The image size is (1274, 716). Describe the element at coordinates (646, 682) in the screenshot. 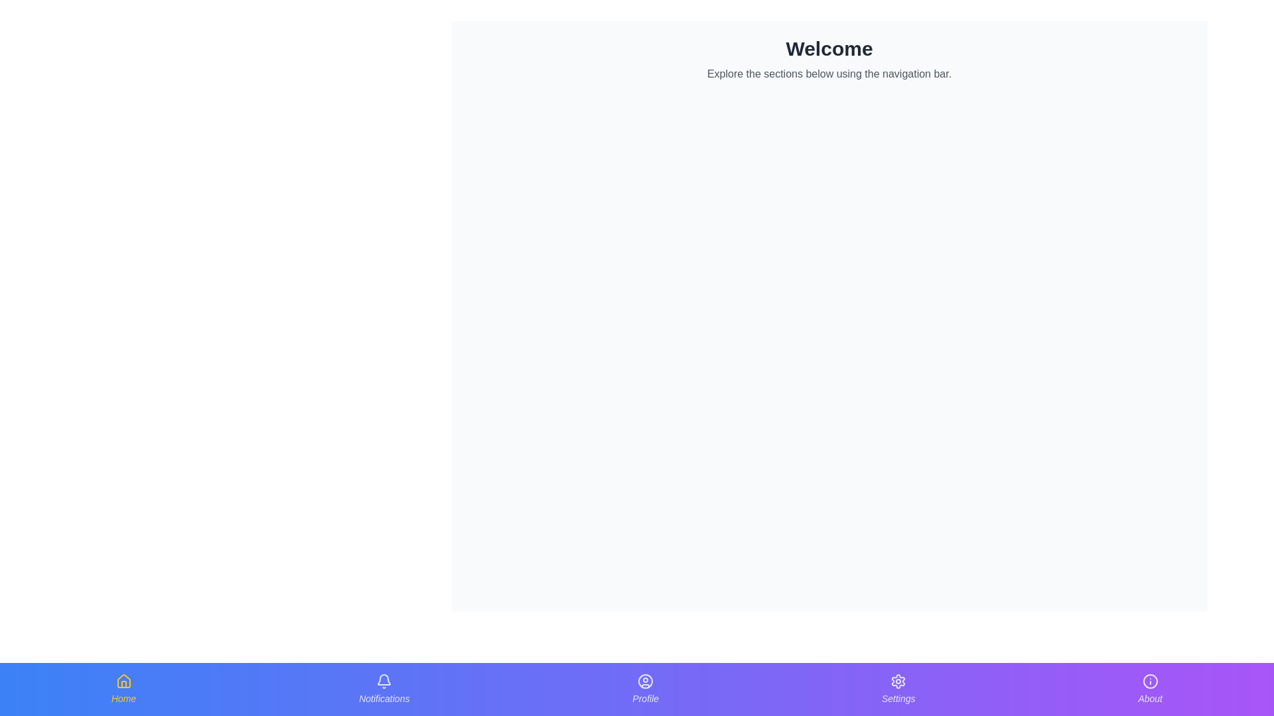

I see `the decorative circle element of the user profile icon located in the navigation bar at the bottom center of the interface` at that location.